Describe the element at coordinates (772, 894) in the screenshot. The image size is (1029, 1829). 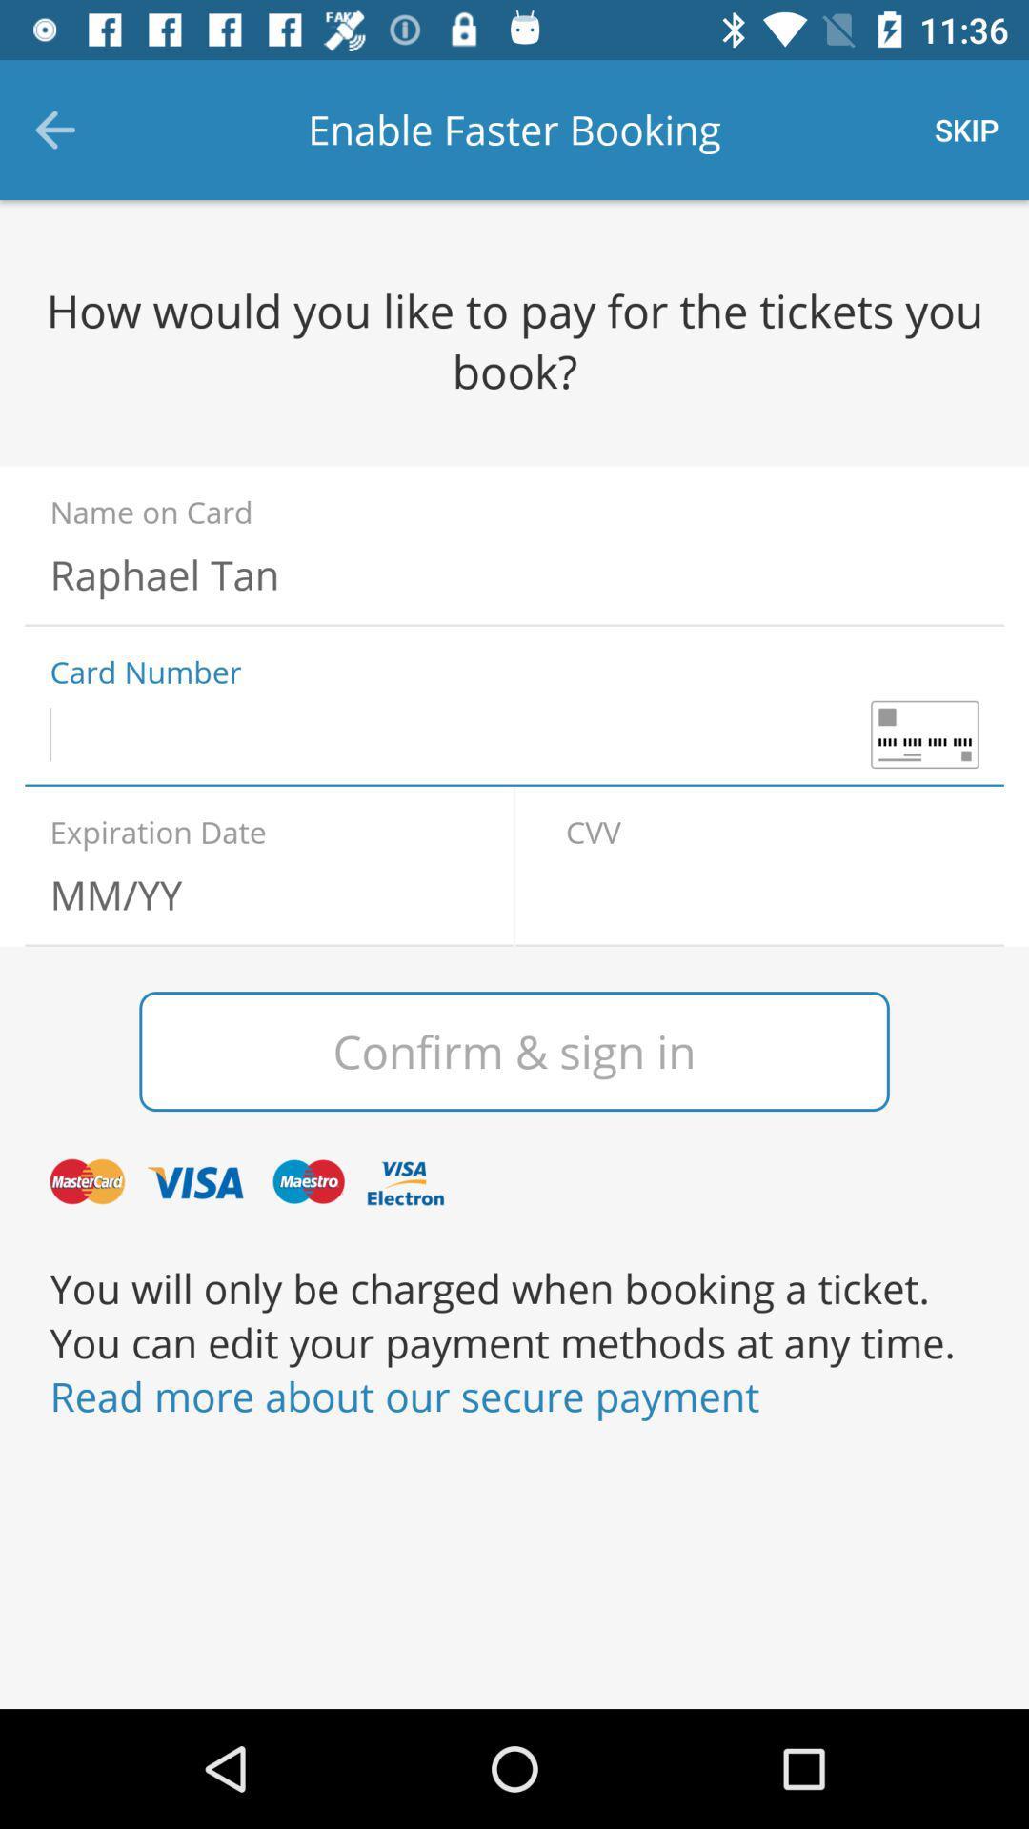
I see `go back` at that location.